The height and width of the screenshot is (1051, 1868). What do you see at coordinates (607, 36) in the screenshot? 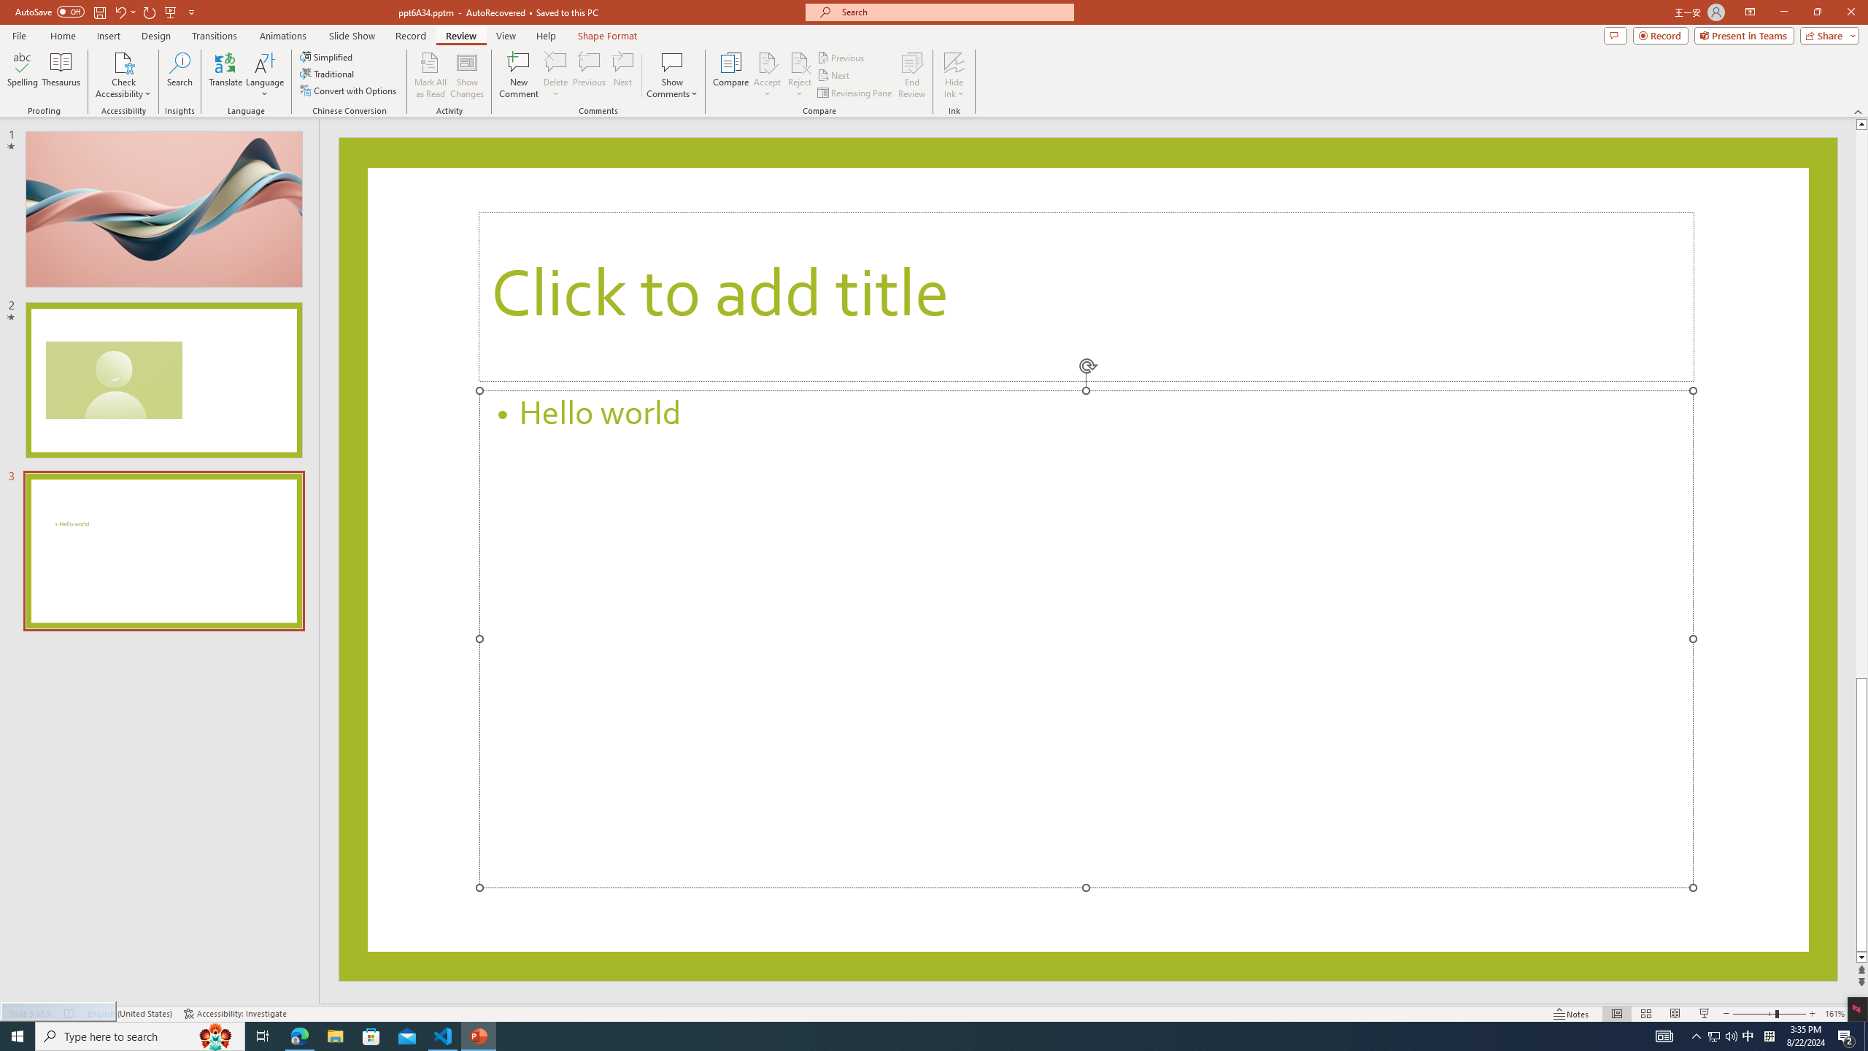
I see `'Shape Format'` at bounding box center [607, 36].